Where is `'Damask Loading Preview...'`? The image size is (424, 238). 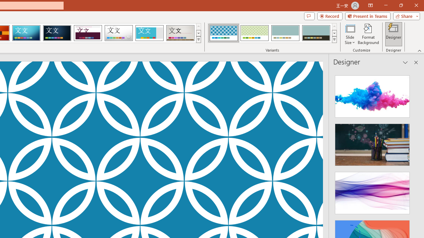
'Damask Loading Preview...' is located at coordinates (57, 33).